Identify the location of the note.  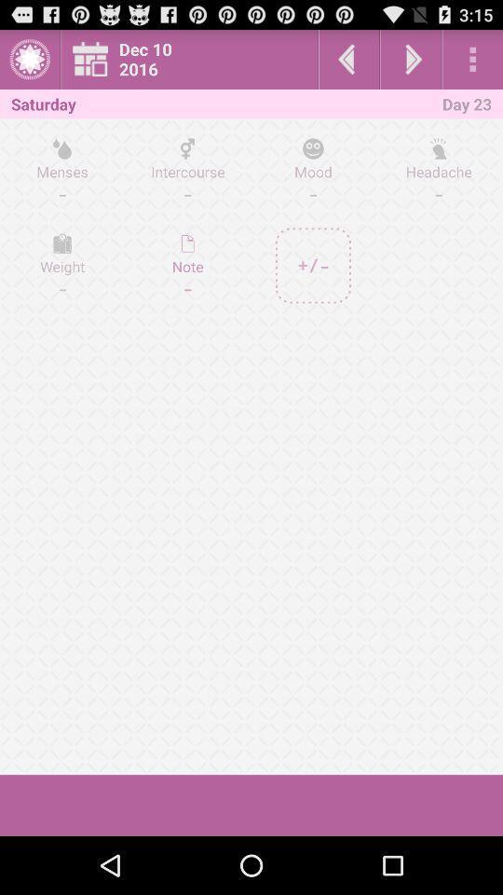
(187, 265).